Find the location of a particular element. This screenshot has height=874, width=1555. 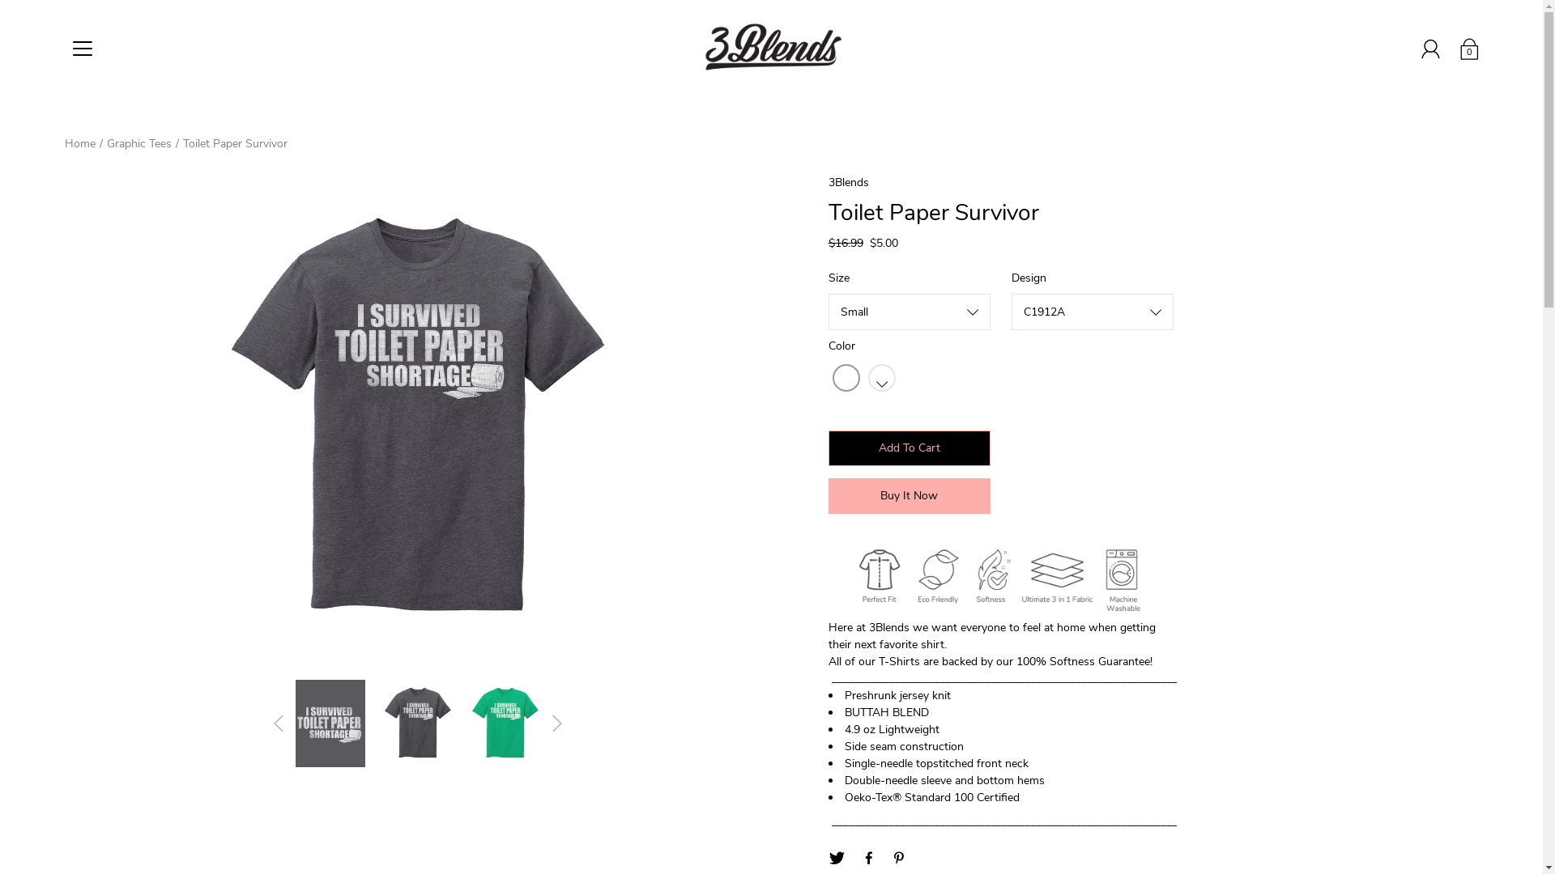

'Buy It Now' is located at coordinates (909, 495).